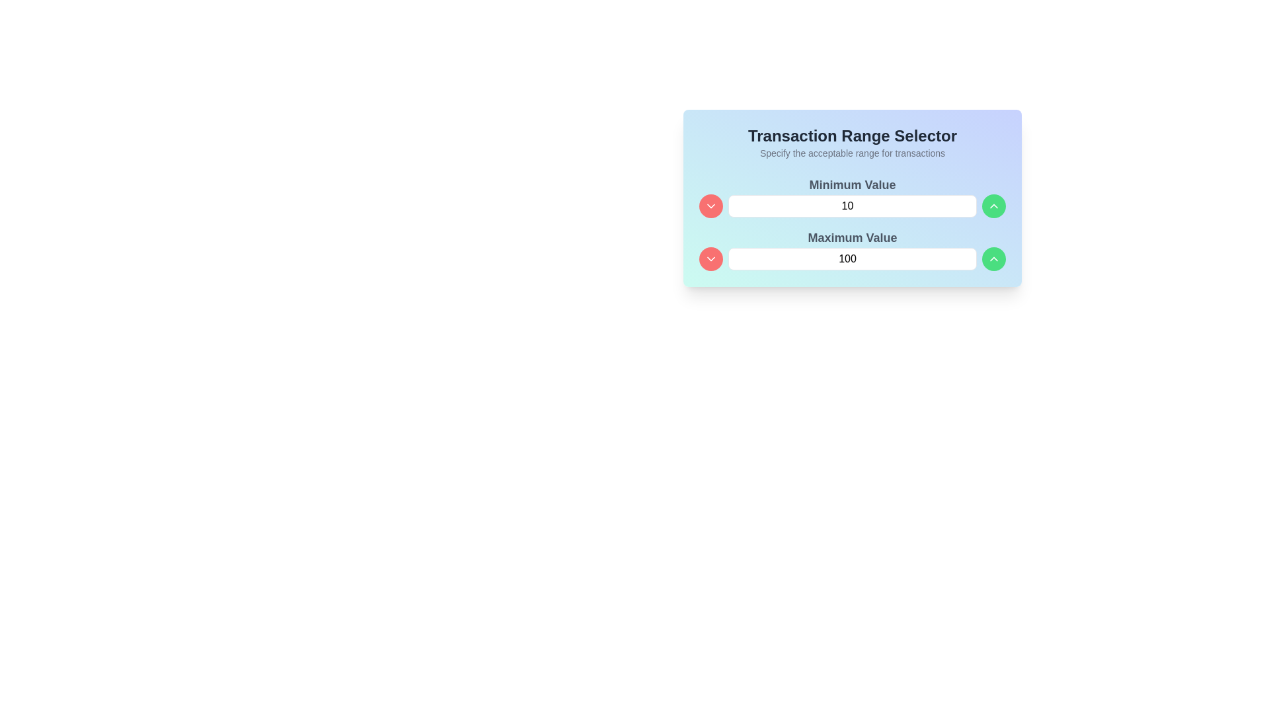 Image resolution: width=1269 pixels, height=714 pixels. I want to click on the 'Minimum Value' text label, which is styled in a larger, bold gray font and positioned at the top center of its component group, so click(853, 185).